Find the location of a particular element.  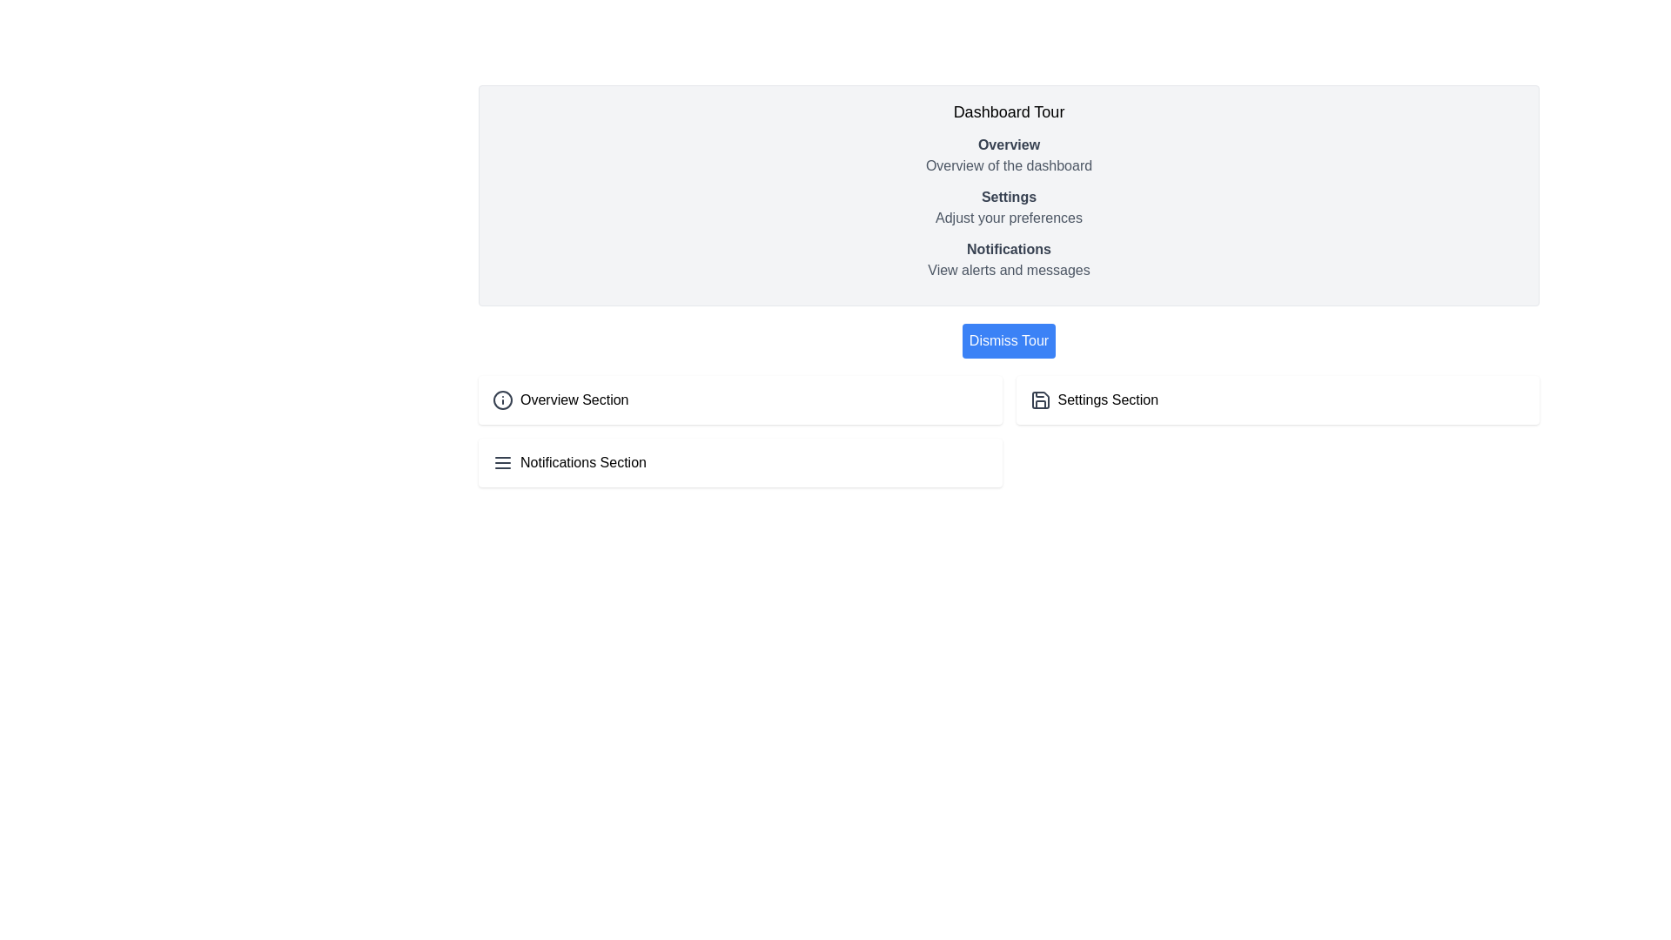

the informational Text Label that provides a title and subtitle for the 'Notifications' section, located above the 'Dismiss Tour' button and below the 'SettingsAdjust your preferences' entry is located at coordinates (1009, 260).